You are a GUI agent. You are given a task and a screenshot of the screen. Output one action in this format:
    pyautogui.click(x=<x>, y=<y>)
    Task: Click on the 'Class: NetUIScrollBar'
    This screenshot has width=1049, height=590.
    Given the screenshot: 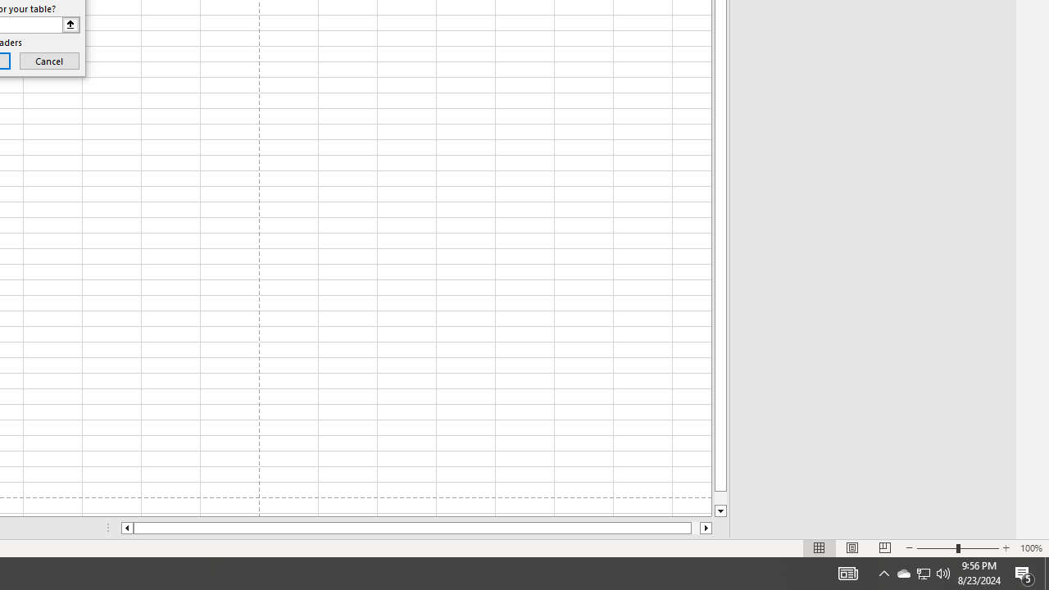 What is the action you would take?
    pyautogui.click(x=416, y=528)
    